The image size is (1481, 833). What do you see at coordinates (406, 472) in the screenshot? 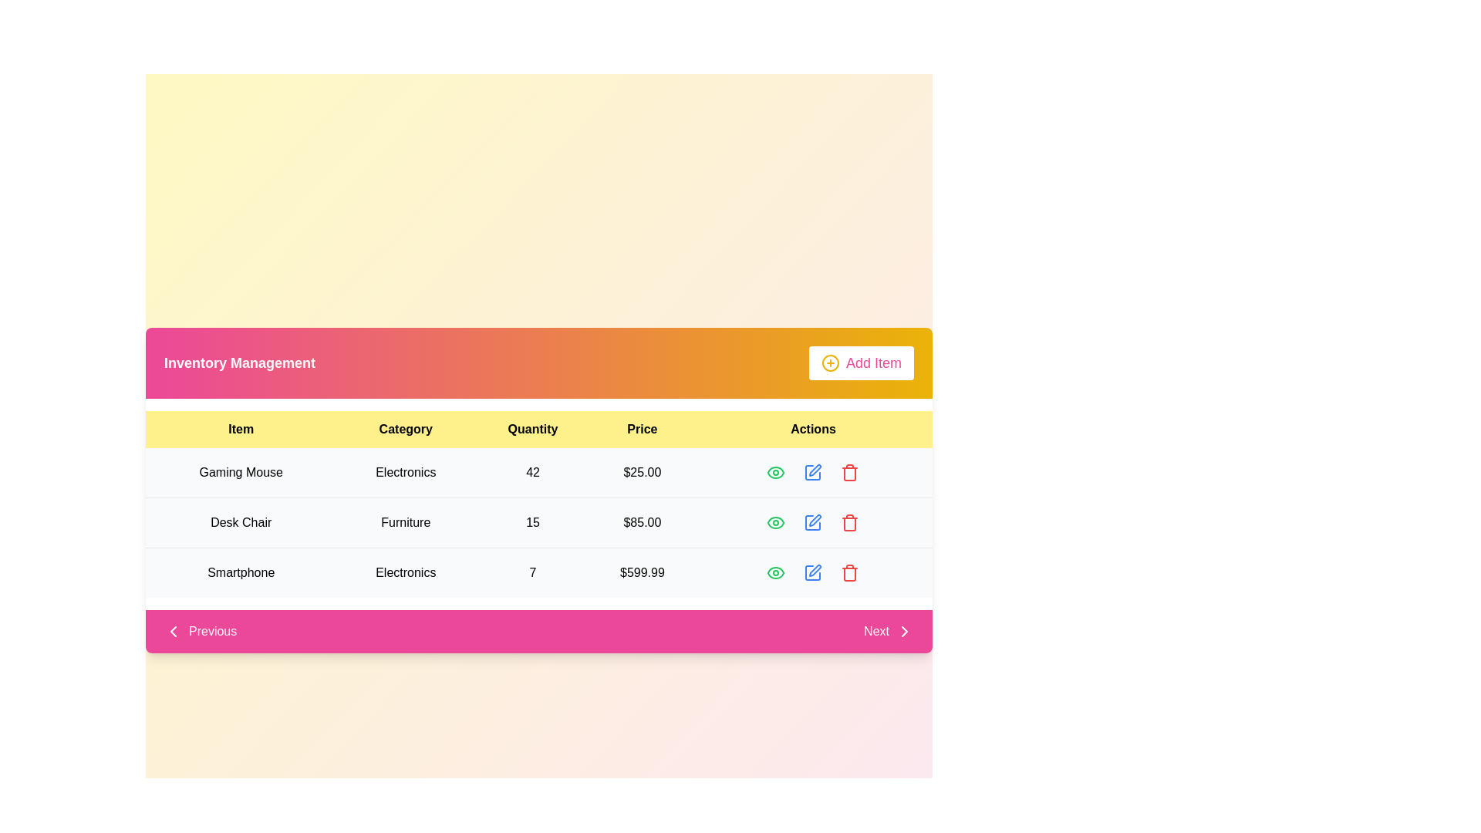
I see `the 'Electronics' text label located in the 'Category' column of the inventory table, specifically in the second cell of the first row for the 'Gaming Mouse' entry` at bounding box center [406, 472].